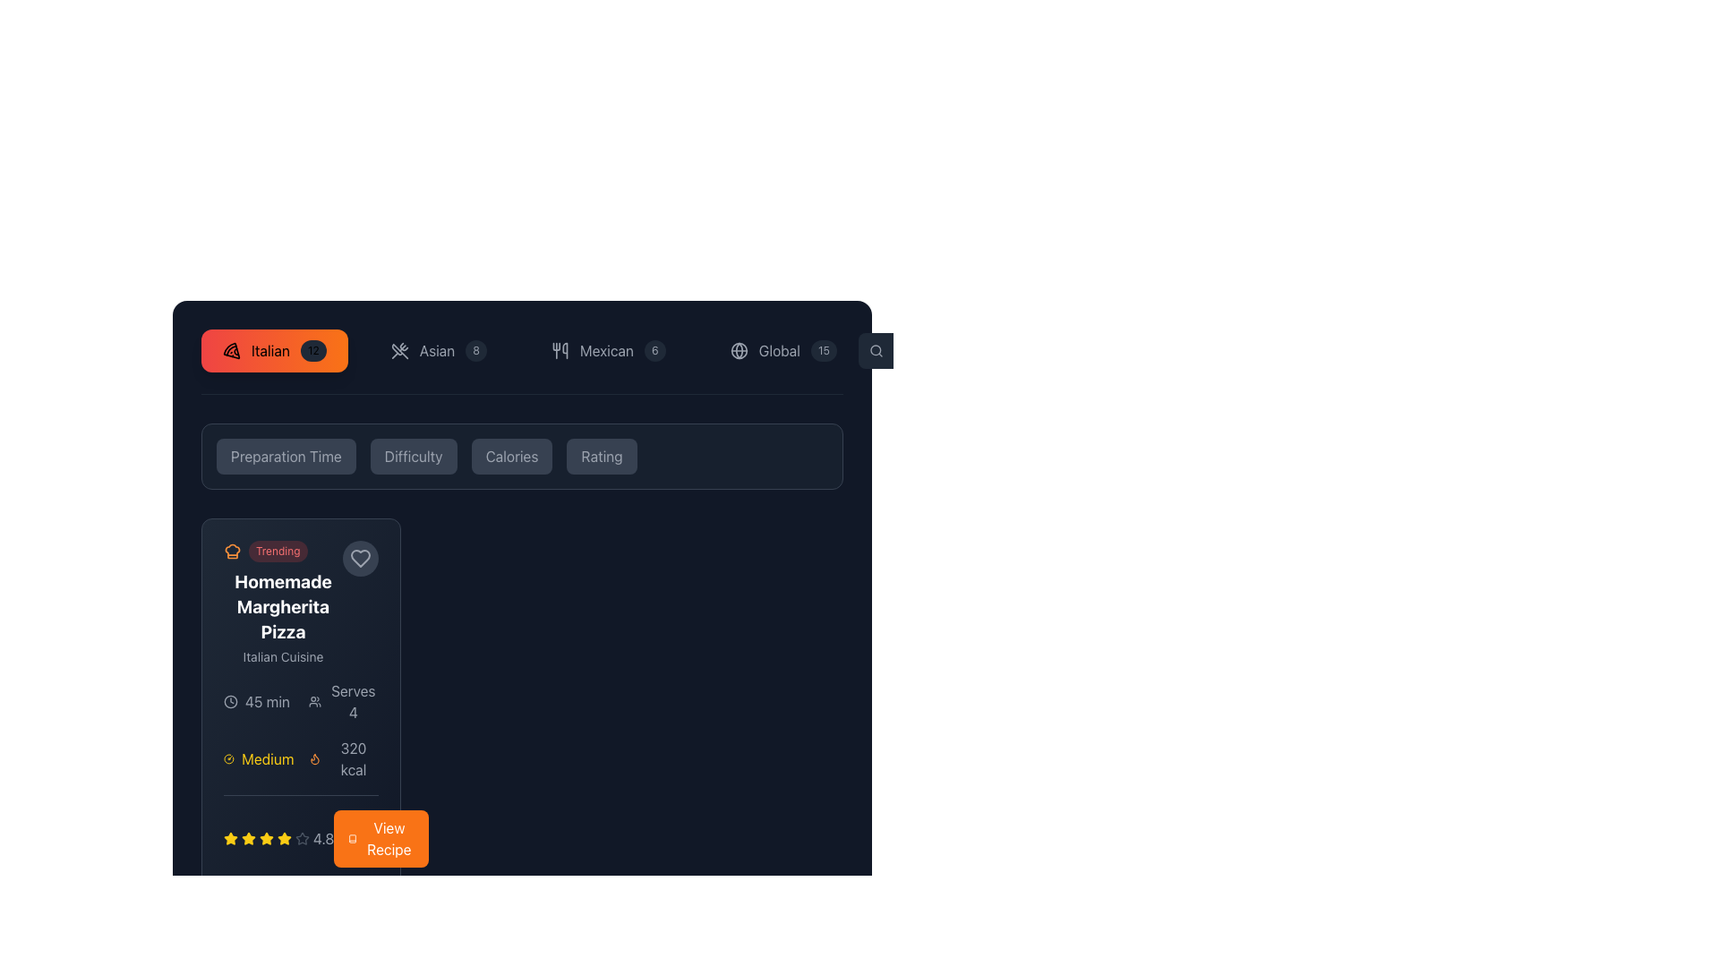 The height and width of the screenshot is (967, 1719). Describe the element at coordinates (230, 700) in the screenshot. I see `the circular graphical element in the center of the clock icon located at the top-left corner of the recipe card` at that location.